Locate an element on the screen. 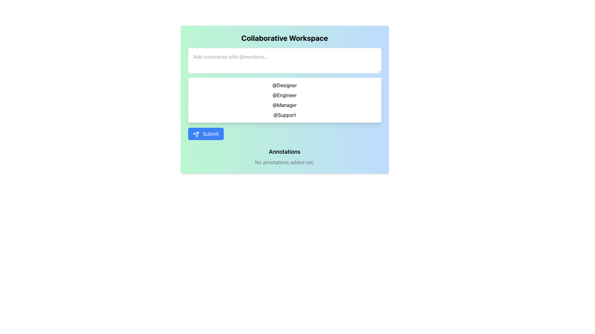 The width and height of the screenshot is (595, 334). the selectable option labeled '@Manager' within the dropdown menu is located at coordinates (284, 105).